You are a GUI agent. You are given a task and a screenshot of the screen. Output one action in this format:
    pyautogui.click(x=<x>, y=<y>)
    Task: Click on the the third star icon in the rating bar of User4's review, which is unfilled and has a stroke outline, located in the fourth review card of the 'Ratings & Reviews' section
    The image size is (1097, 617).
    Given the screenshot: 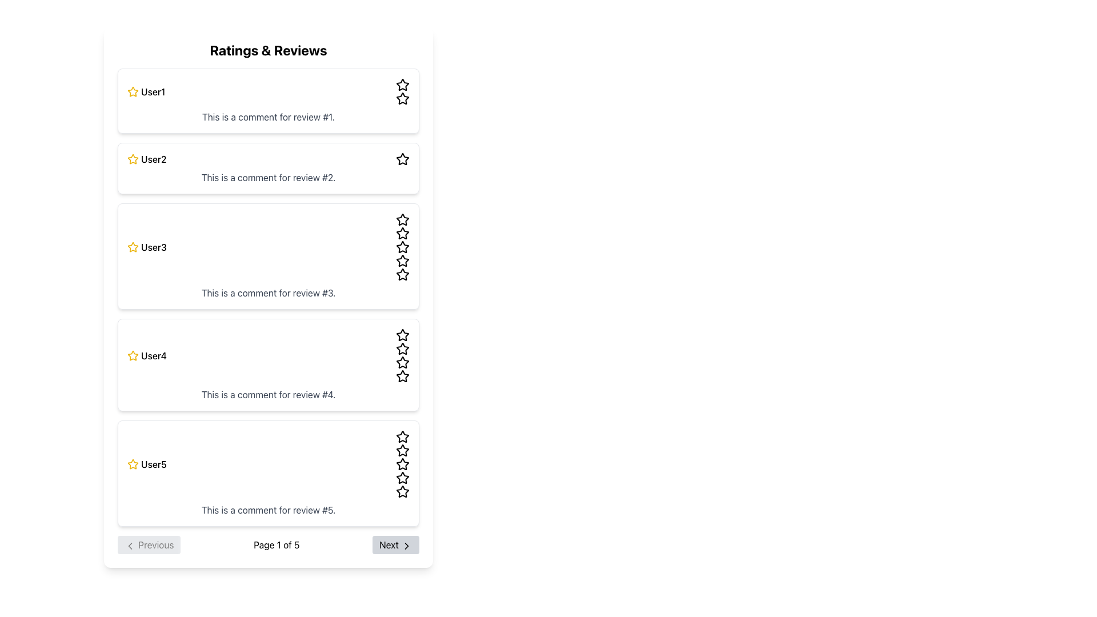 What is the action you would take?
    pyautogui.click(x=403, y=334)
    